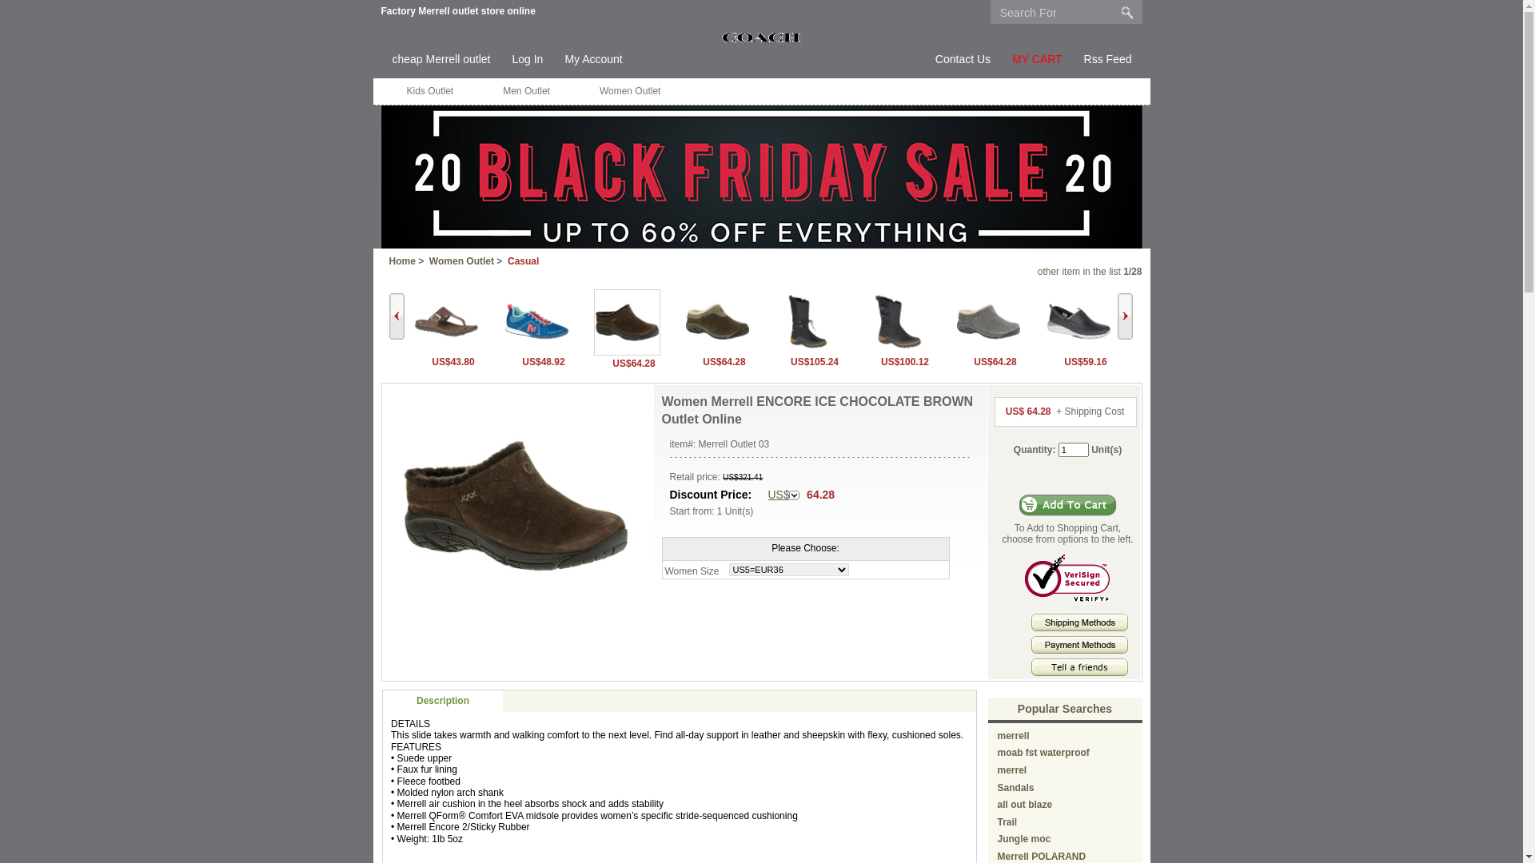  What do you see at coordinates (441, 58) in the screenshot?
I see `'cheap Merrell outlet'` at bounding box center [441, 58].